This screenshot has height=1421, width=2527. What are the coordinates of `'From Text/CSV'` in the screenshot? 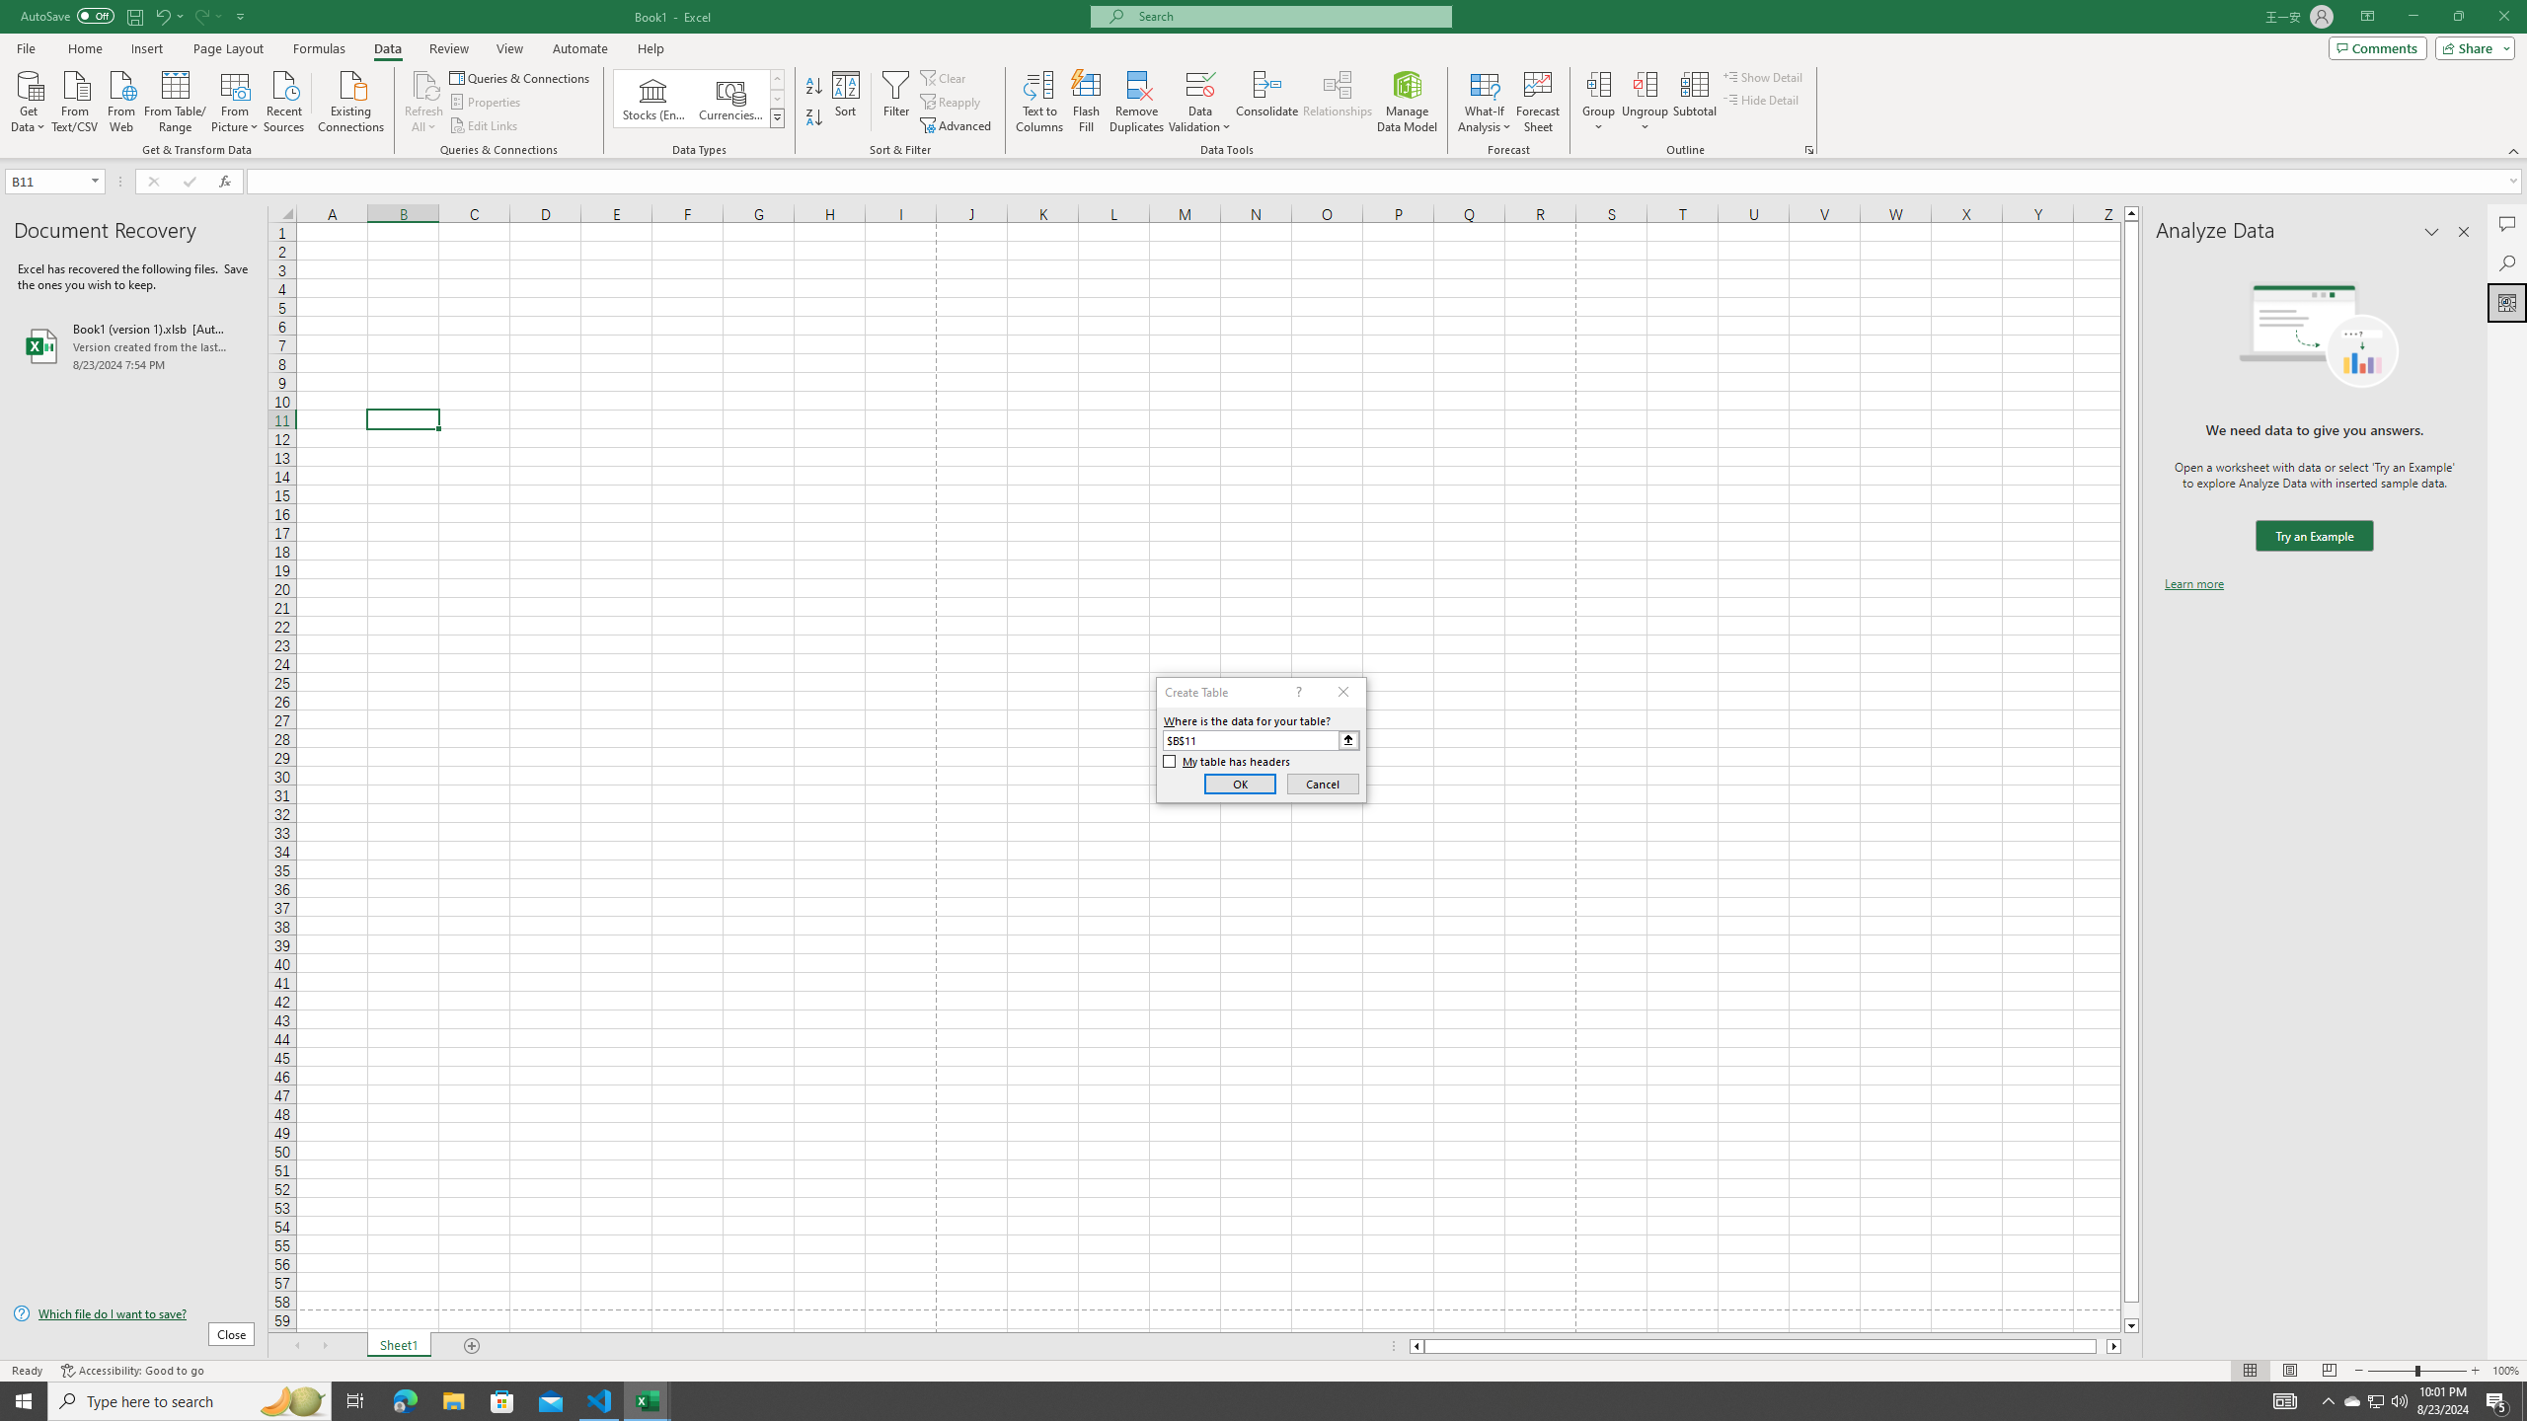 It's located at (75, 99).